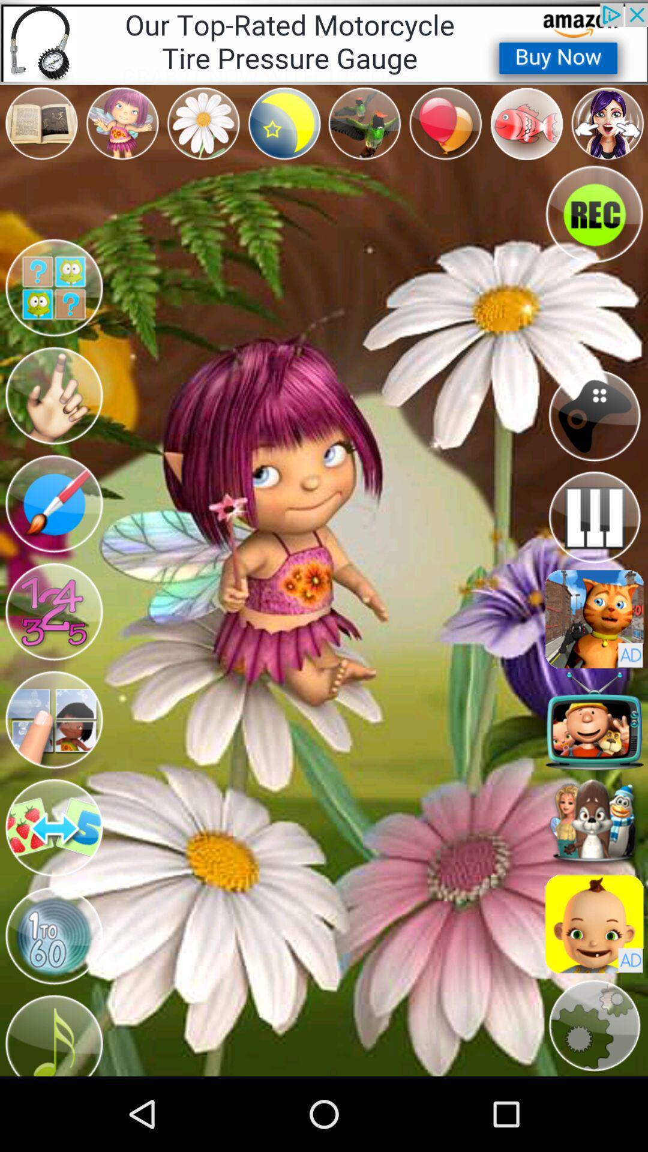 The width and height of the screenshot is (648, 1152). What do you see at coordinates (53, 288) in the screenshot?
I see `the option` at bounding box center [53, 288].